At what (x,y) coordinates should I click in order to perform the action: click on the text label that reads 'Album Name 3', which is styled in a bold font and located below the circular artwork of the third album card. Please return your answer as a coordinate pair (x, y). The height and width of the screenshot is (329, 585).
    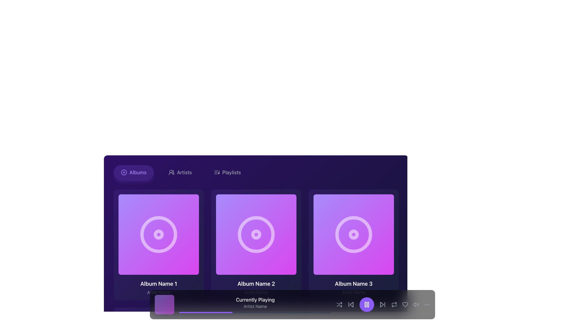
    Looking at the image, I should click on (354, 284).